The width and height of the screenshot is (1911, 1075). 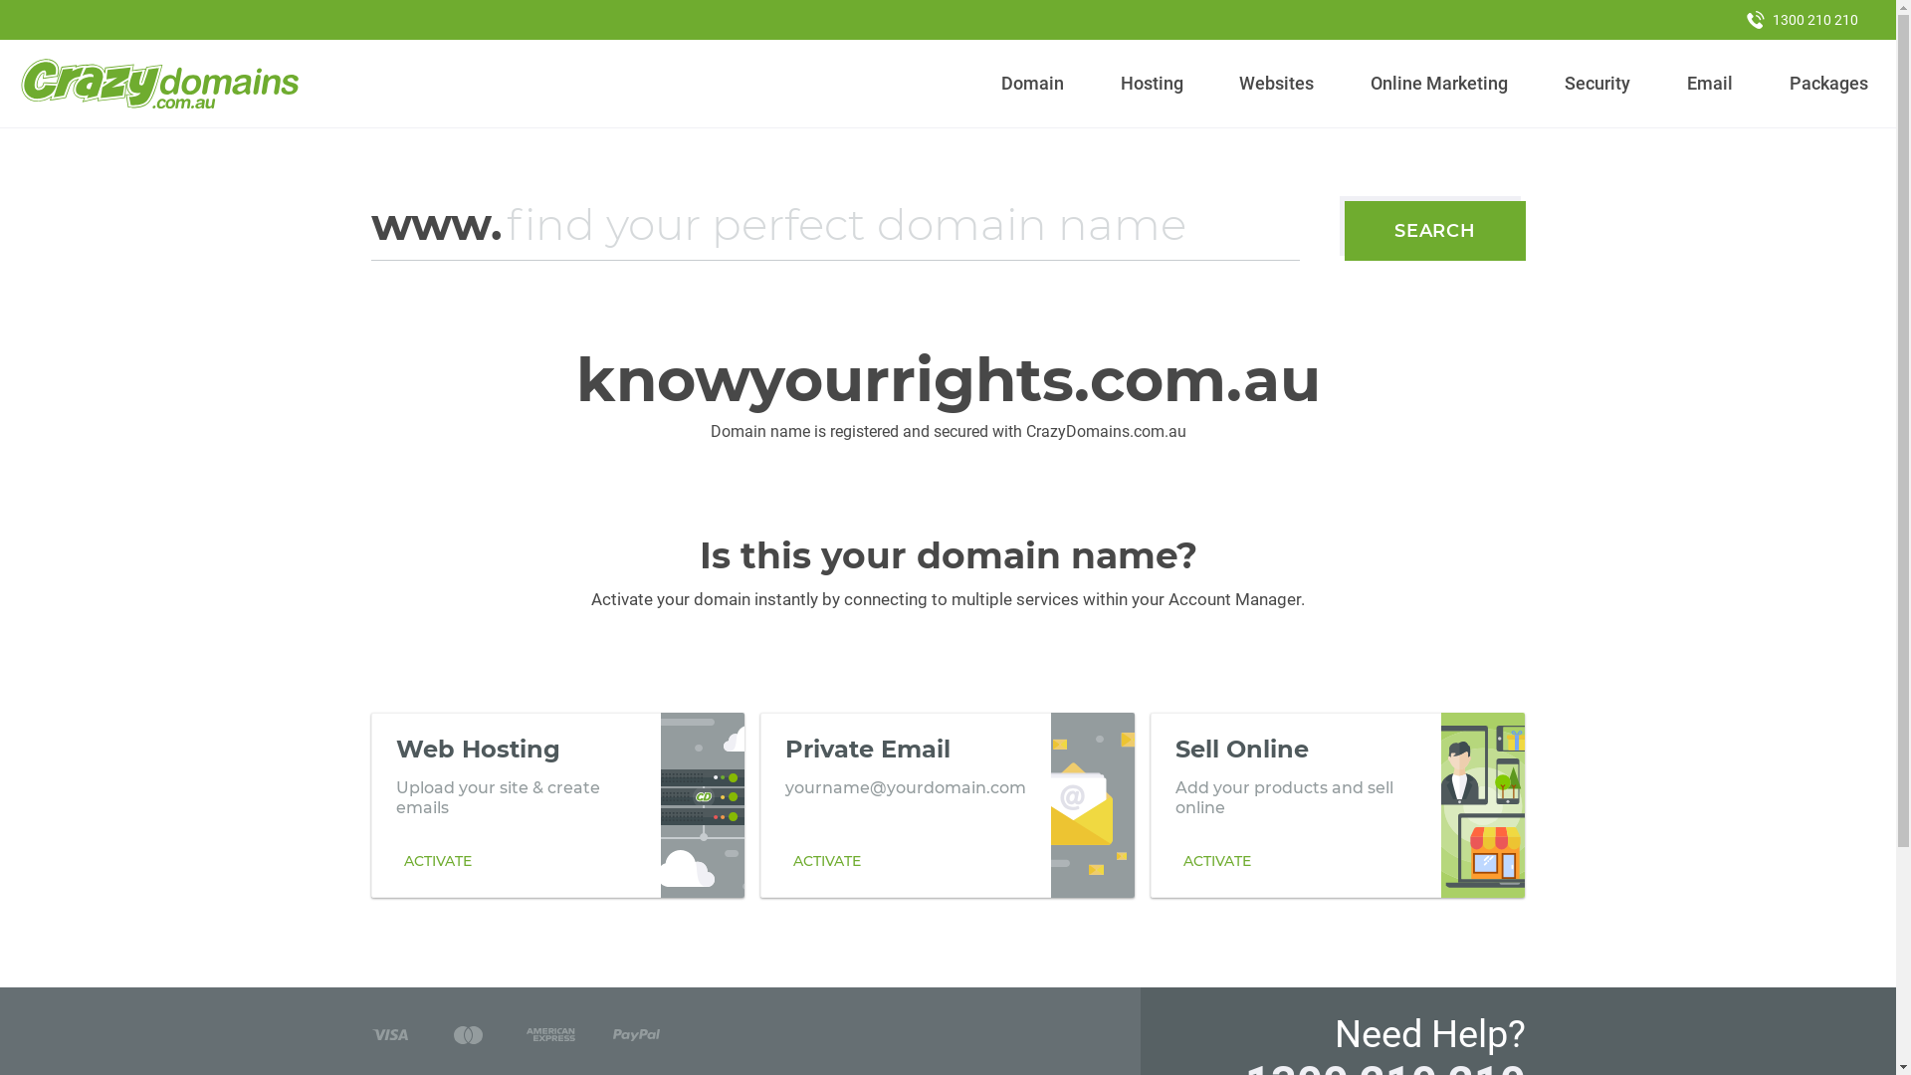 I want to click on 'Web Hosting, so click(x=557, y=804).